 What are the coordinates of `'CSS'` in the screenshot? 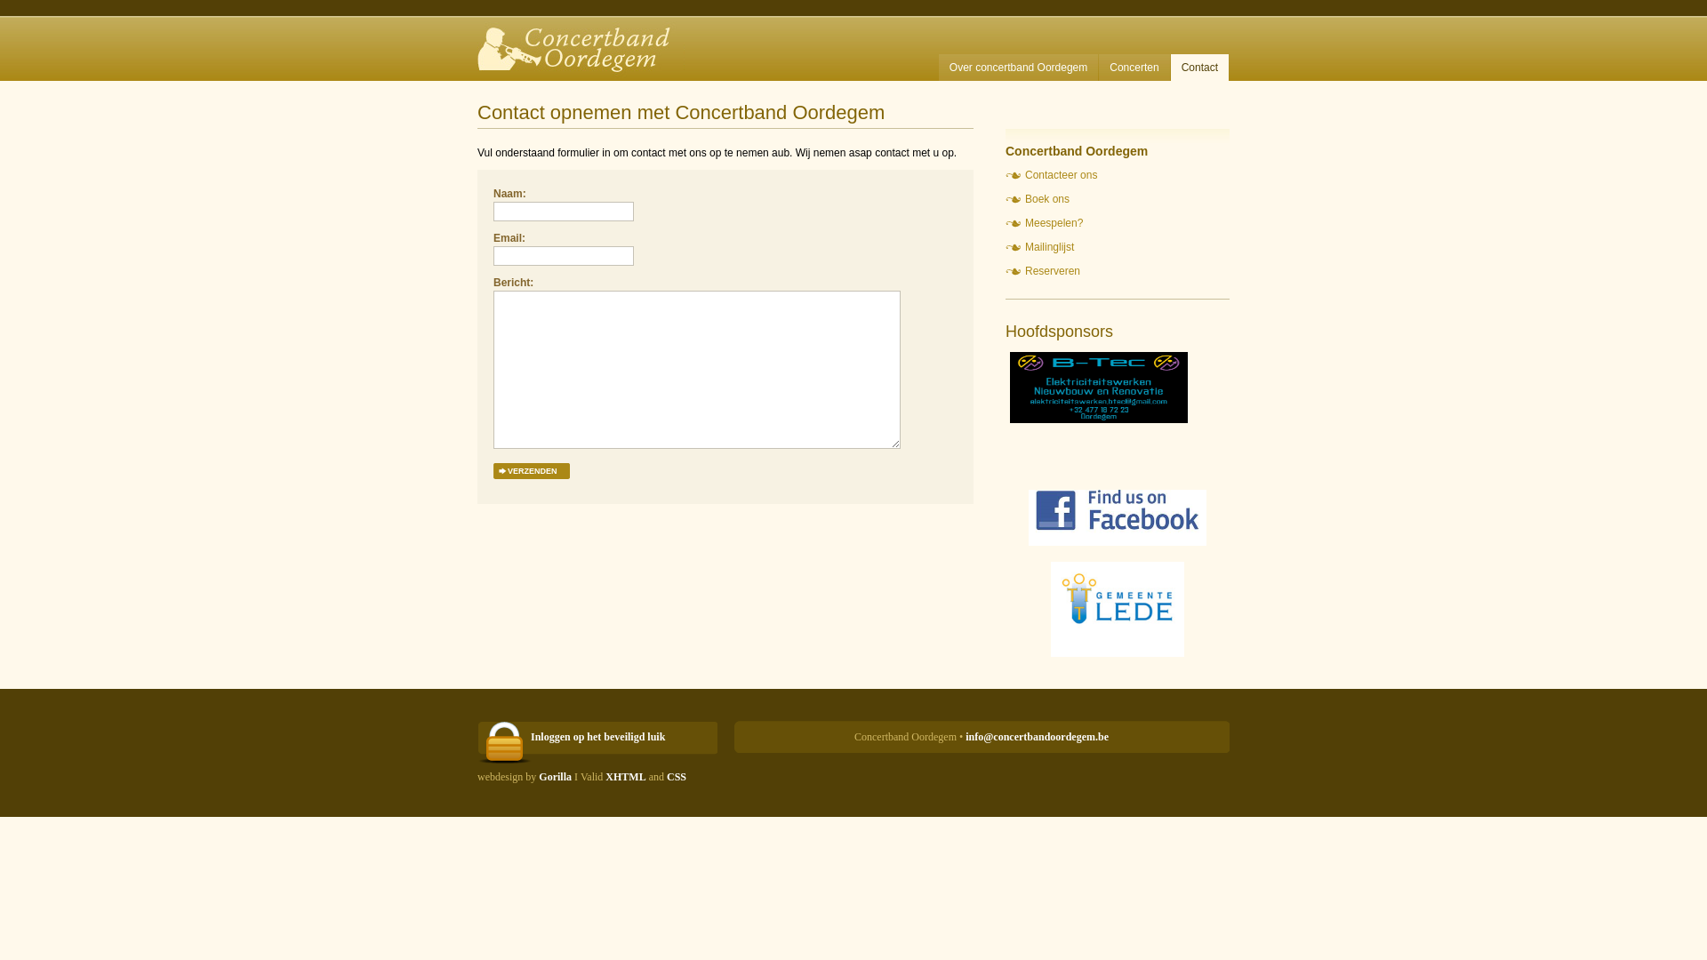 It's located at (665, 776).